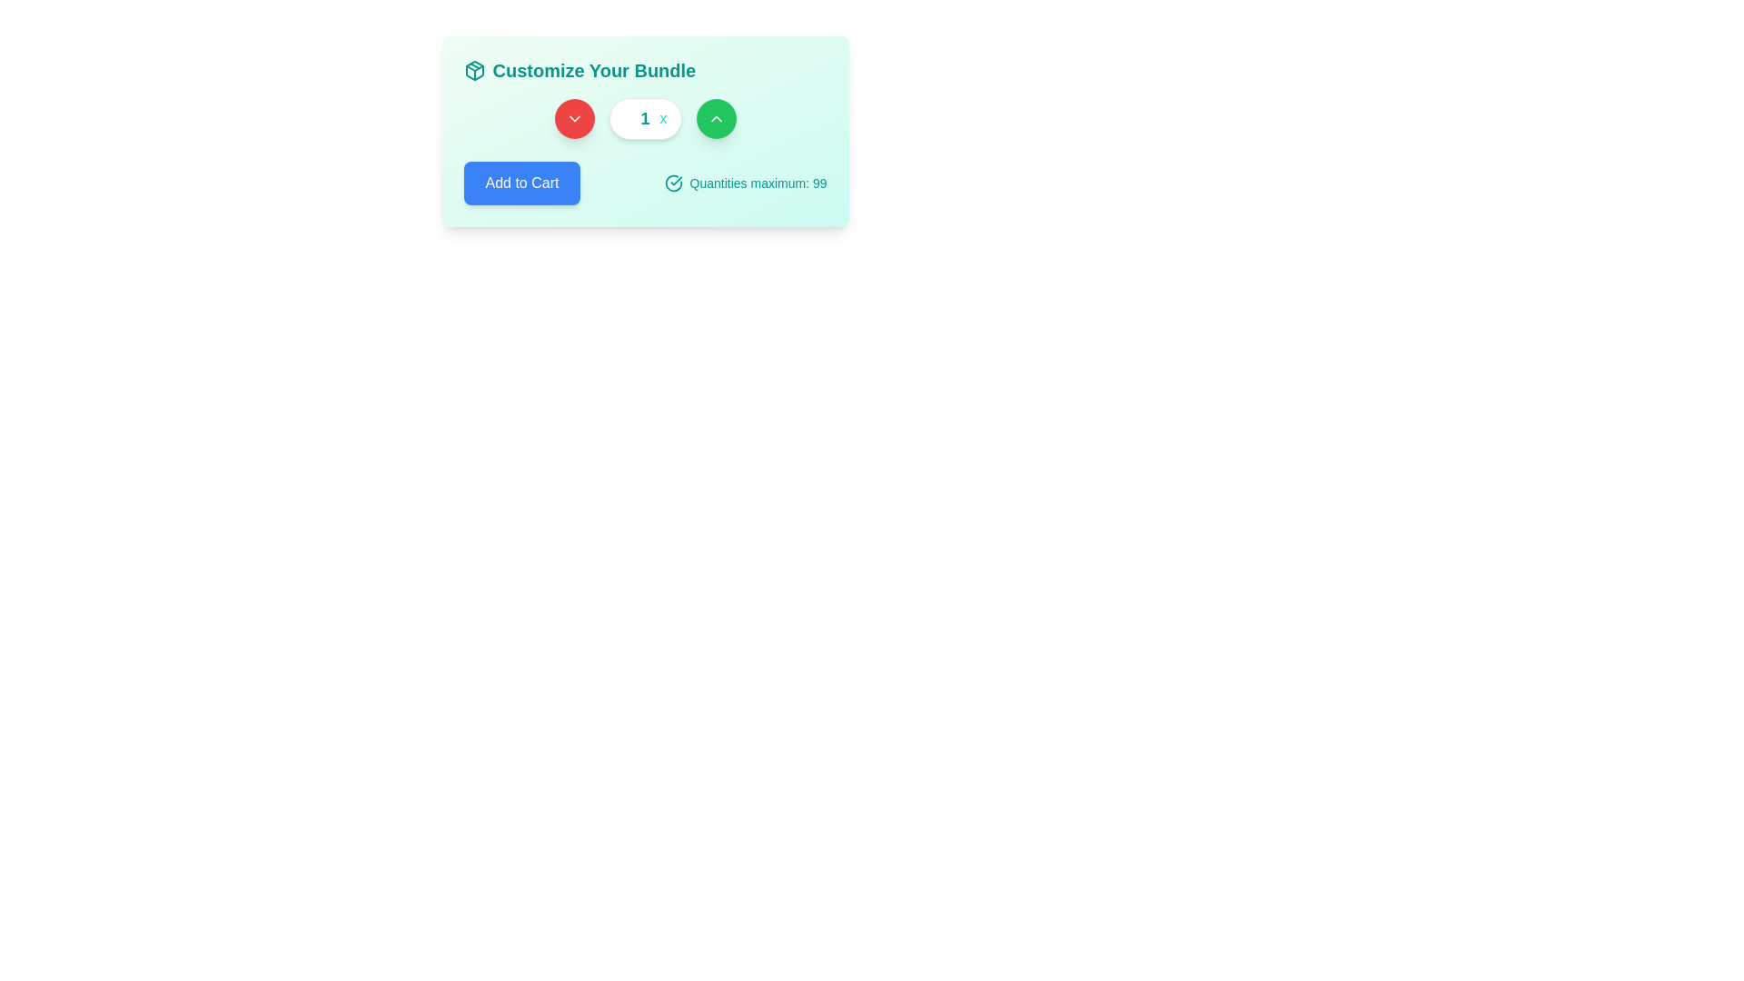 This screenshot has width=1744, height=981. What do you see at coordinates (573, 119) in the screenshot?
I see `the red circular button icon that indicates an expandable action related to quantity or item customization` at bounding box center [573, 119].